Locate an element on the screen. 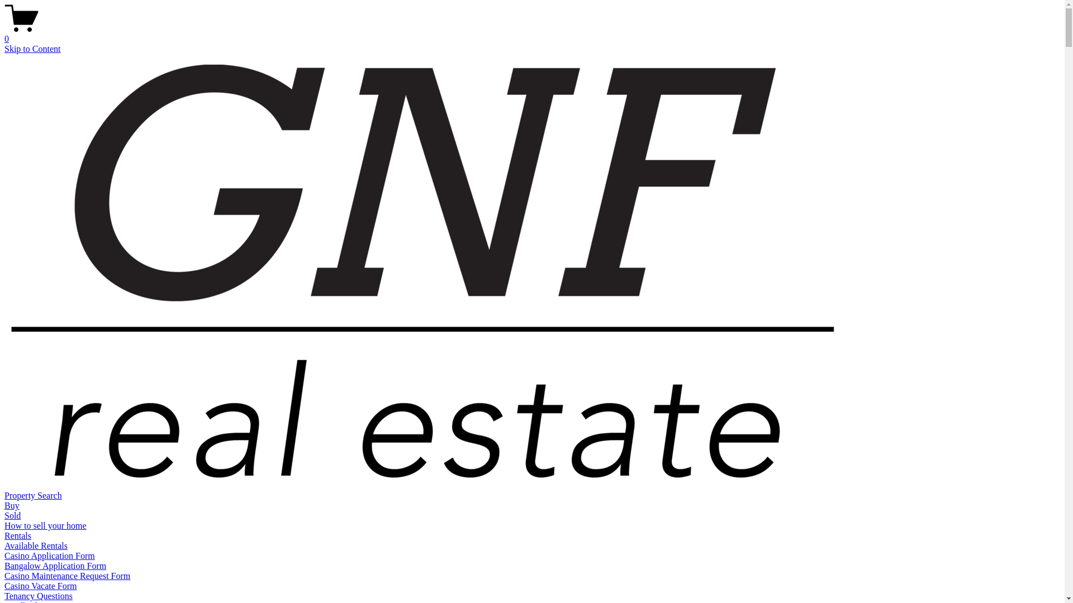 The image size is (1073, 603). 'Property Search' is located at coordinates (33, 495).